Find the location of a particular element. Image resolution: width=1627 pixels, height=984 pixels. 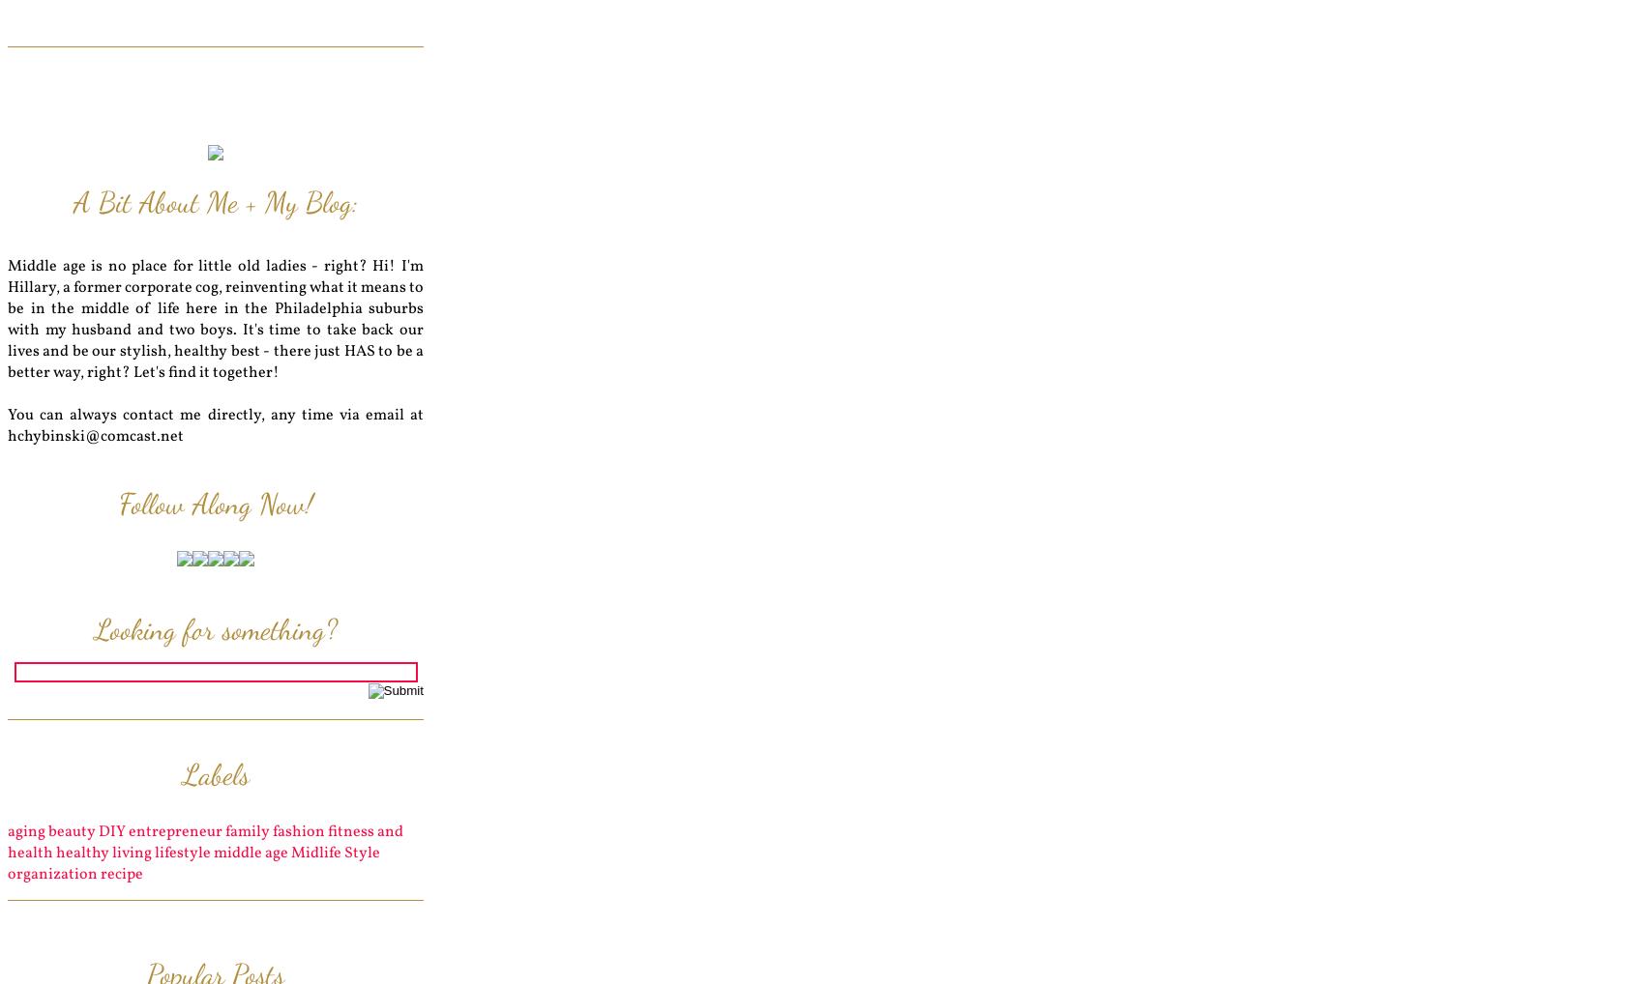

'Follow Along Now!' is located at coordinates (214, 503).